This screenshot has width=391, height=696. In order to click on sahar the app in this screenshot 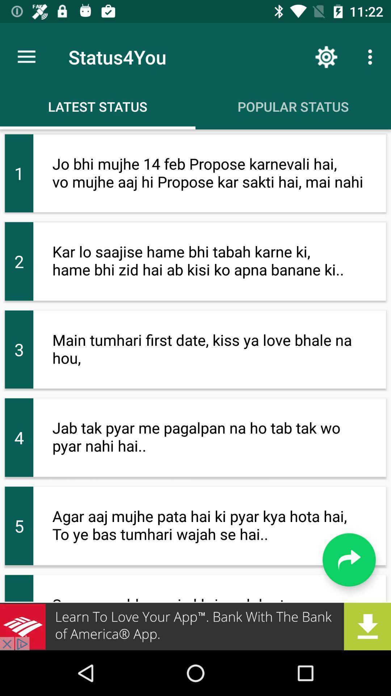, I will do `click(195, 626)`.